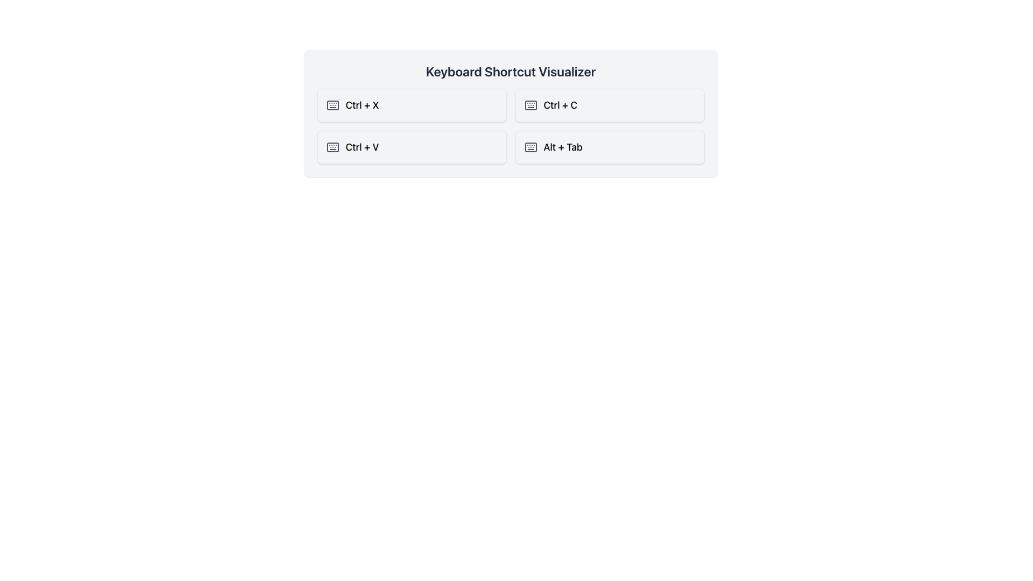 The width and height of the screenshot is (1033, 581). Describe the element at coordinates (530, 147) in the screenshot. I see `the keyboard icon located within the 'Alt + Tab' button at the bottom-right corner of the four-button grid layout` at that location.